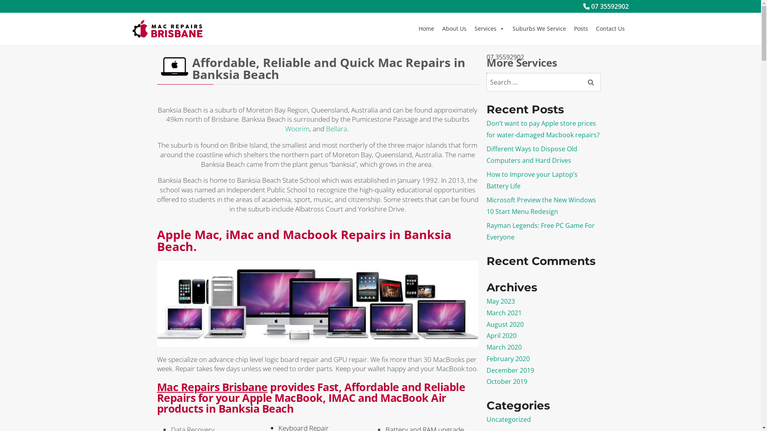 The height and width of the screenshot is (431, 767). Describe the element at coordinates (508, 419) in the screenshot. I see `'Uncategorized'` at that location.